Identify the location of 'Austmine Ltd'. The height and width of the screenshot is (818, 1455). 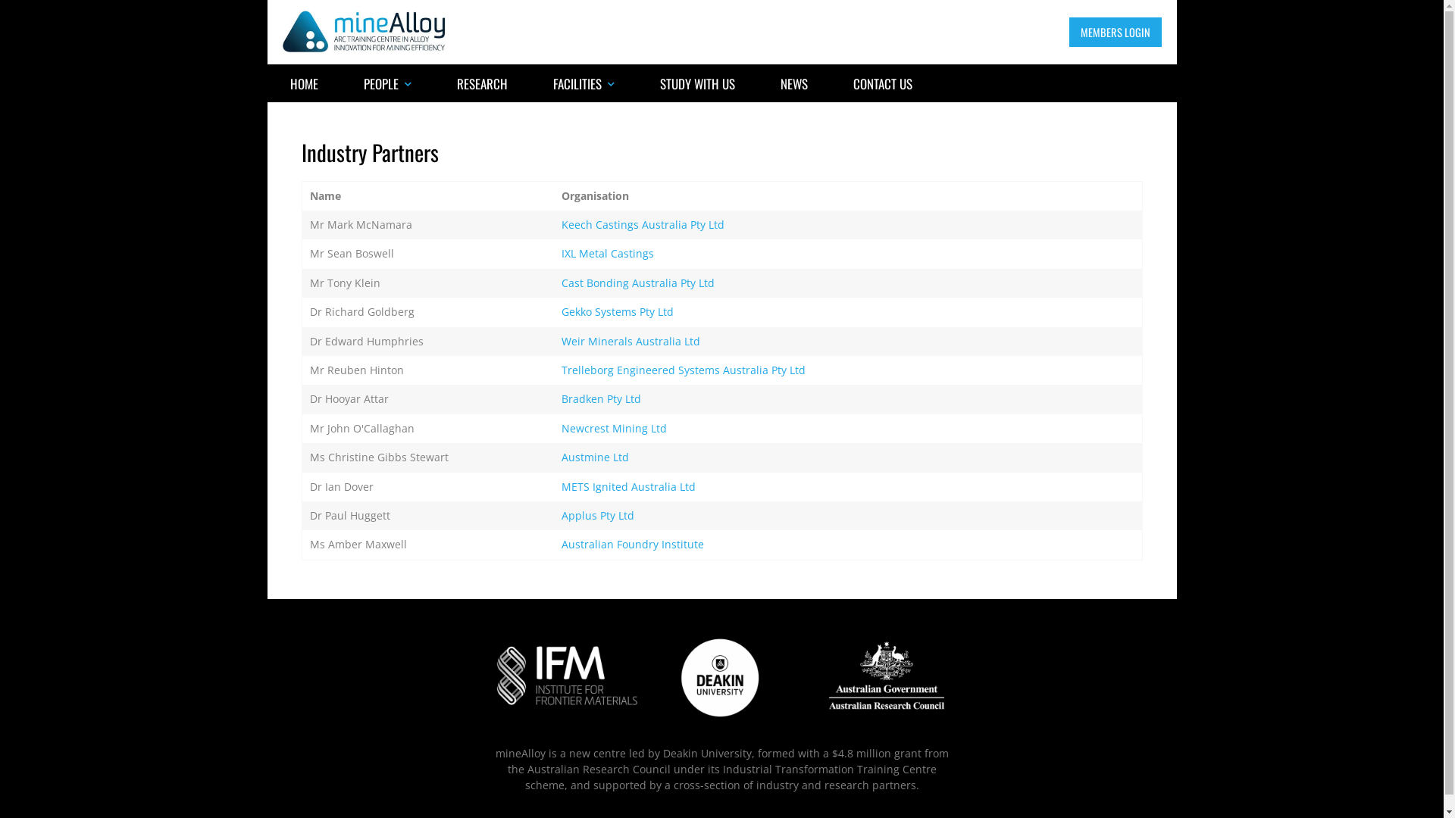
(594, 456).